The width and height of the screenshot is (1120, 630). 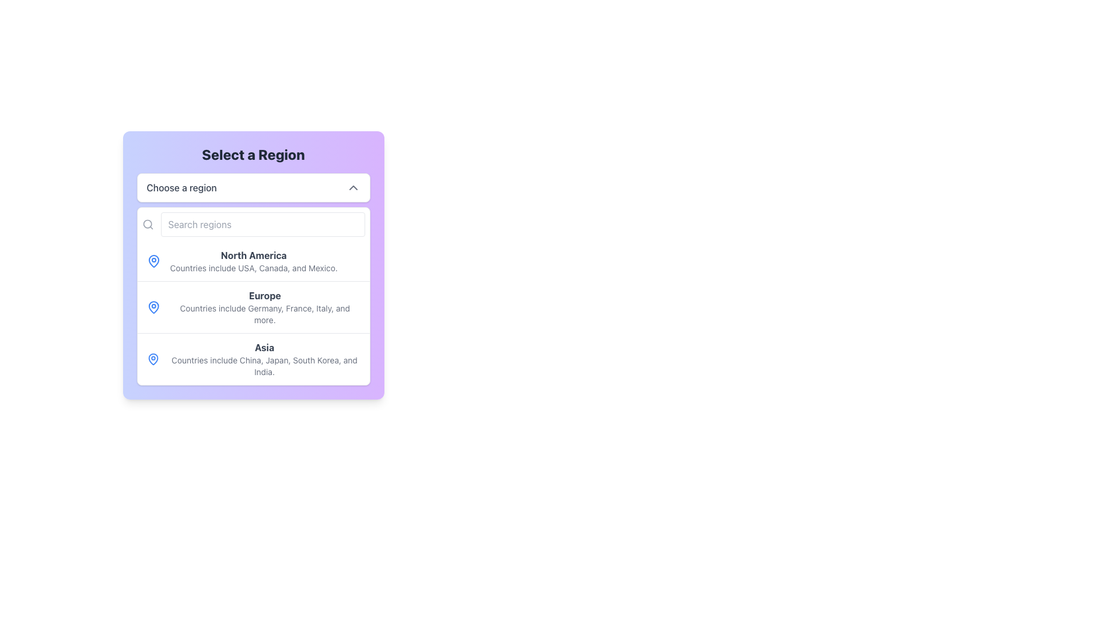 I want to click on the text block containing the header 'Asia' and the subtext about countries, which is the third listing in the 'Select a Region' dropdown, so click(x=264, y=359).